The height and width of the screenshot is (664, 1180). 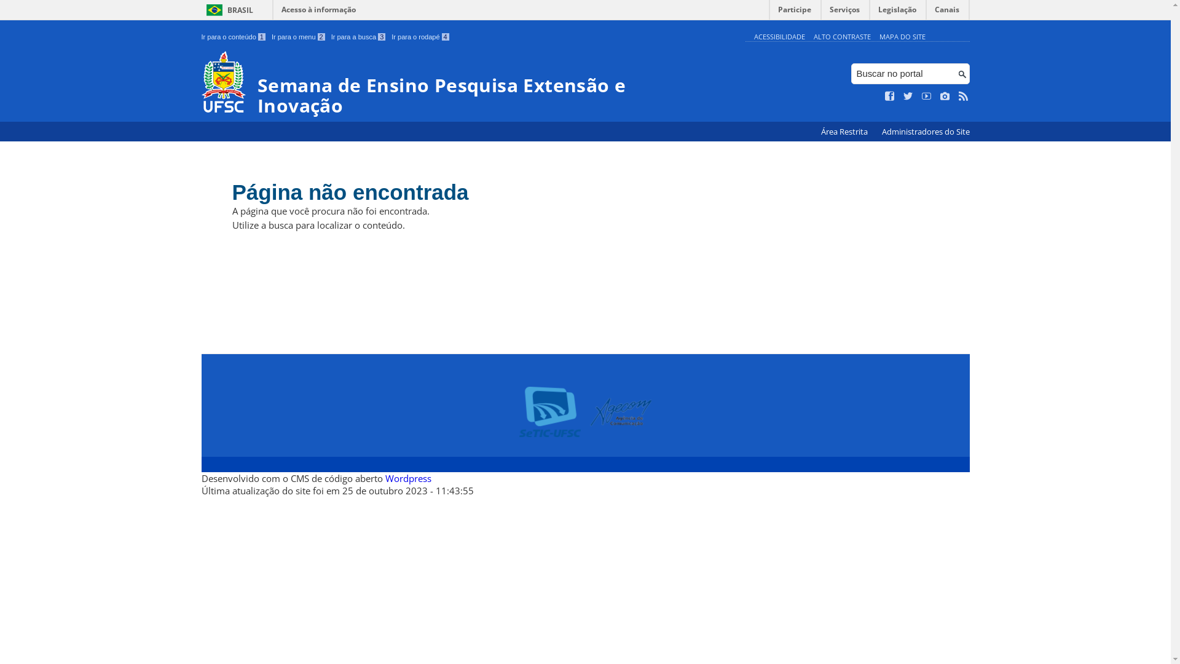 What do you see at coordinates (814, 36) in the screenshot?
I see `'ALTO CONTRASTE'` at bounding box center [814, 36].